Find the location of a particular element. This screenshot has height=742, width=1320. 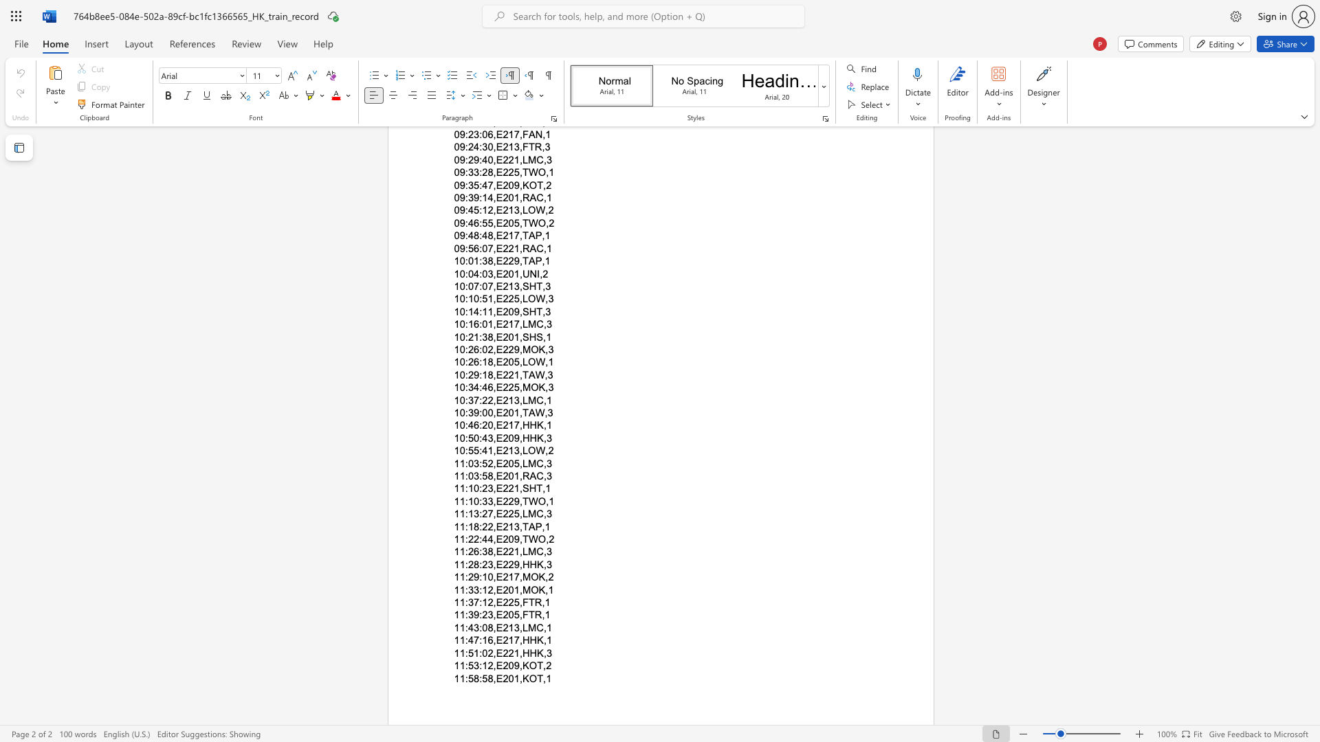

the subset text "13,LMC" within the text "11:43:08,E213,LMC,1" is located at coordinates (507, 627).